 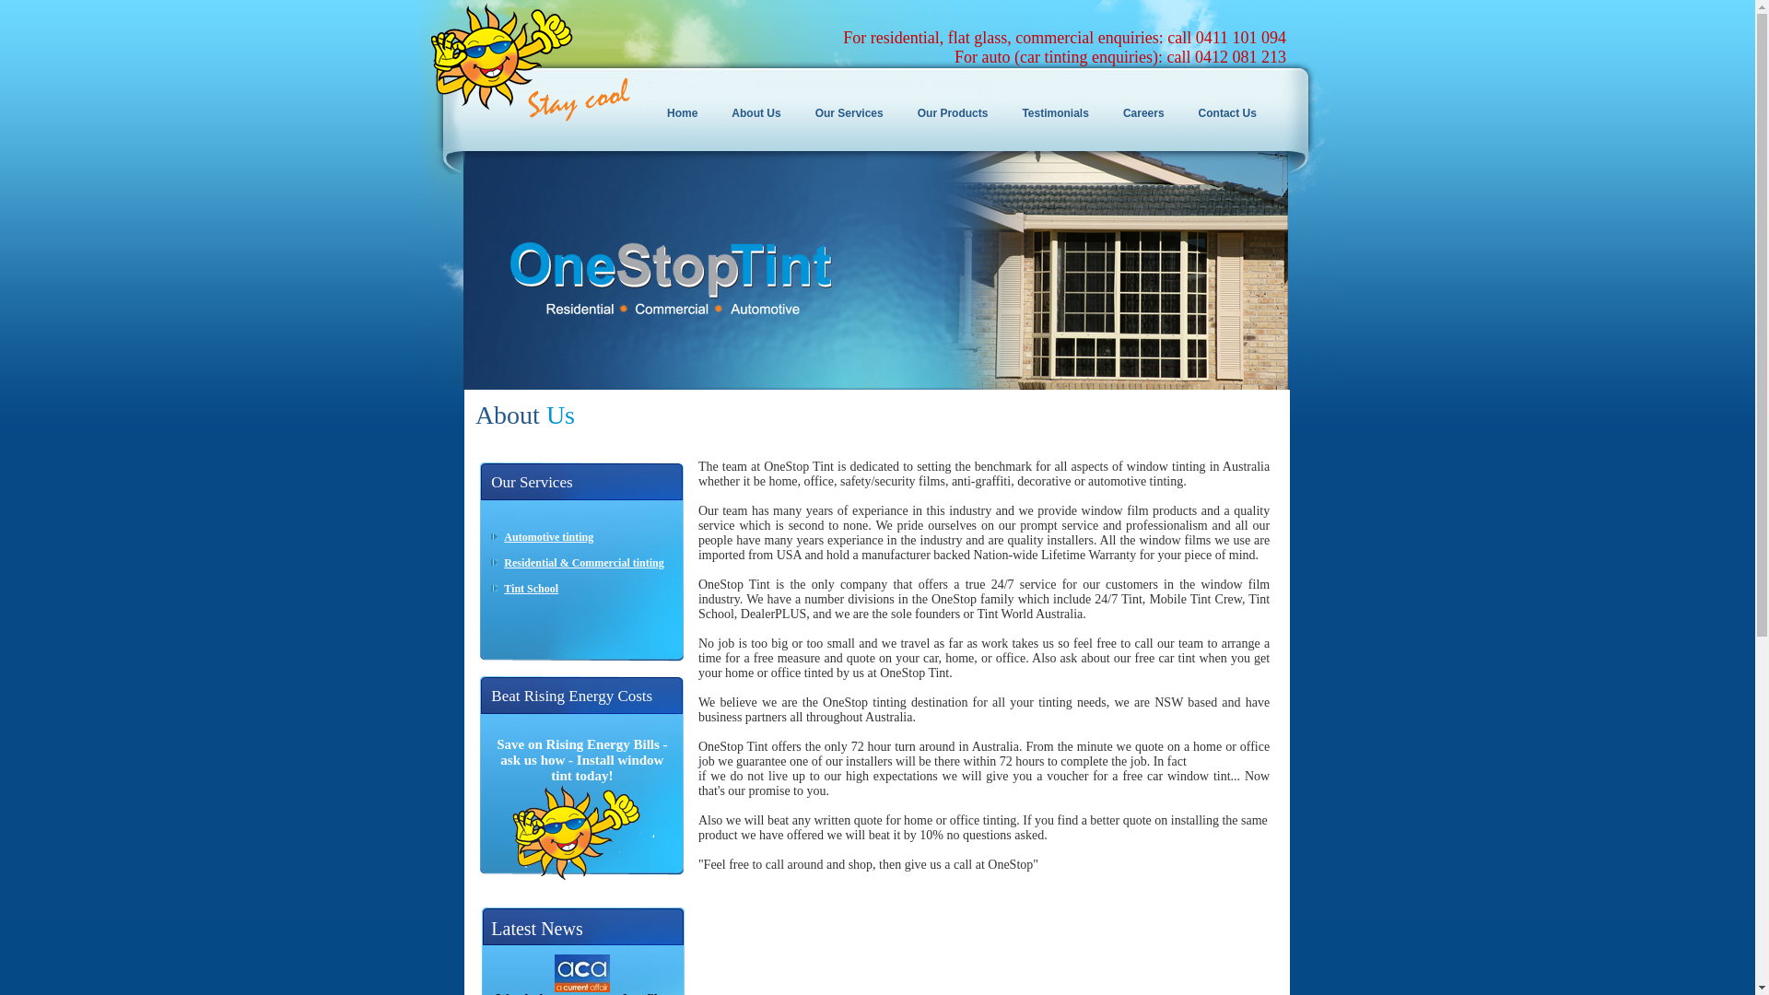 I want to click on 'Our Services', so click(x=853, y=113).